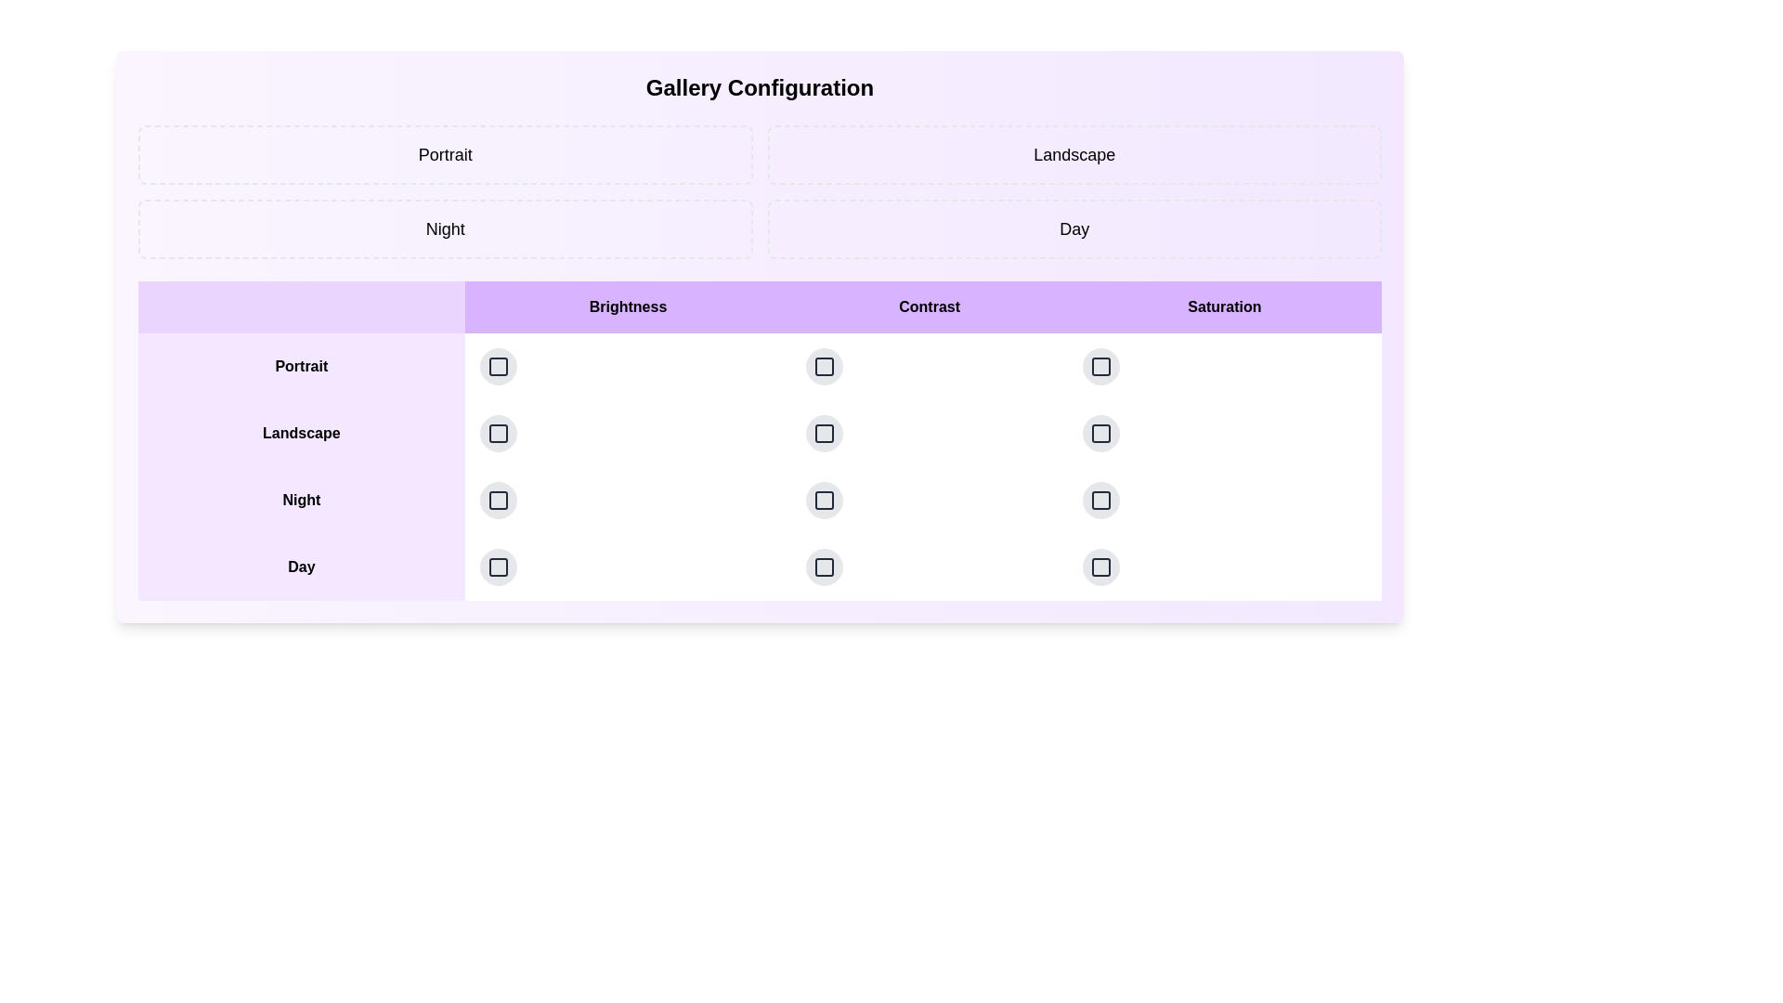  What do you see at coordinates (498, 433) in the screenshot?
I see `the checkbox in the first column (Brightness) of the second row (Landscape)` at bounding box center [498, 433].